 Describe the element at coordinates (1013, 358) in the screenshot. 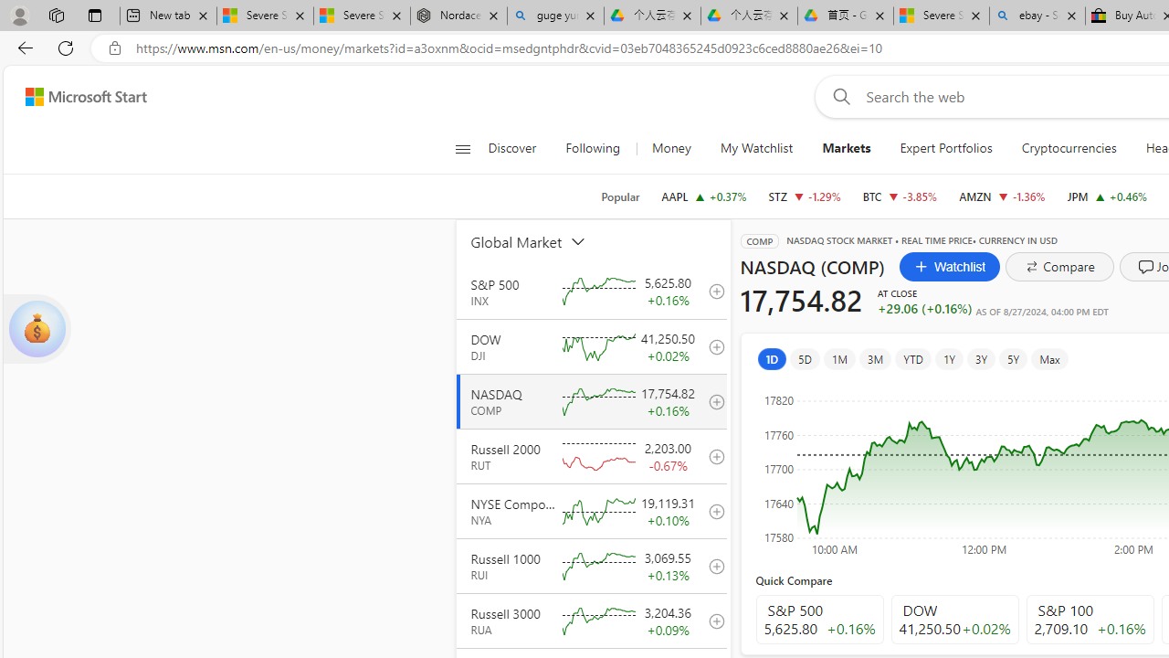

I see `'5Y'` at that location.